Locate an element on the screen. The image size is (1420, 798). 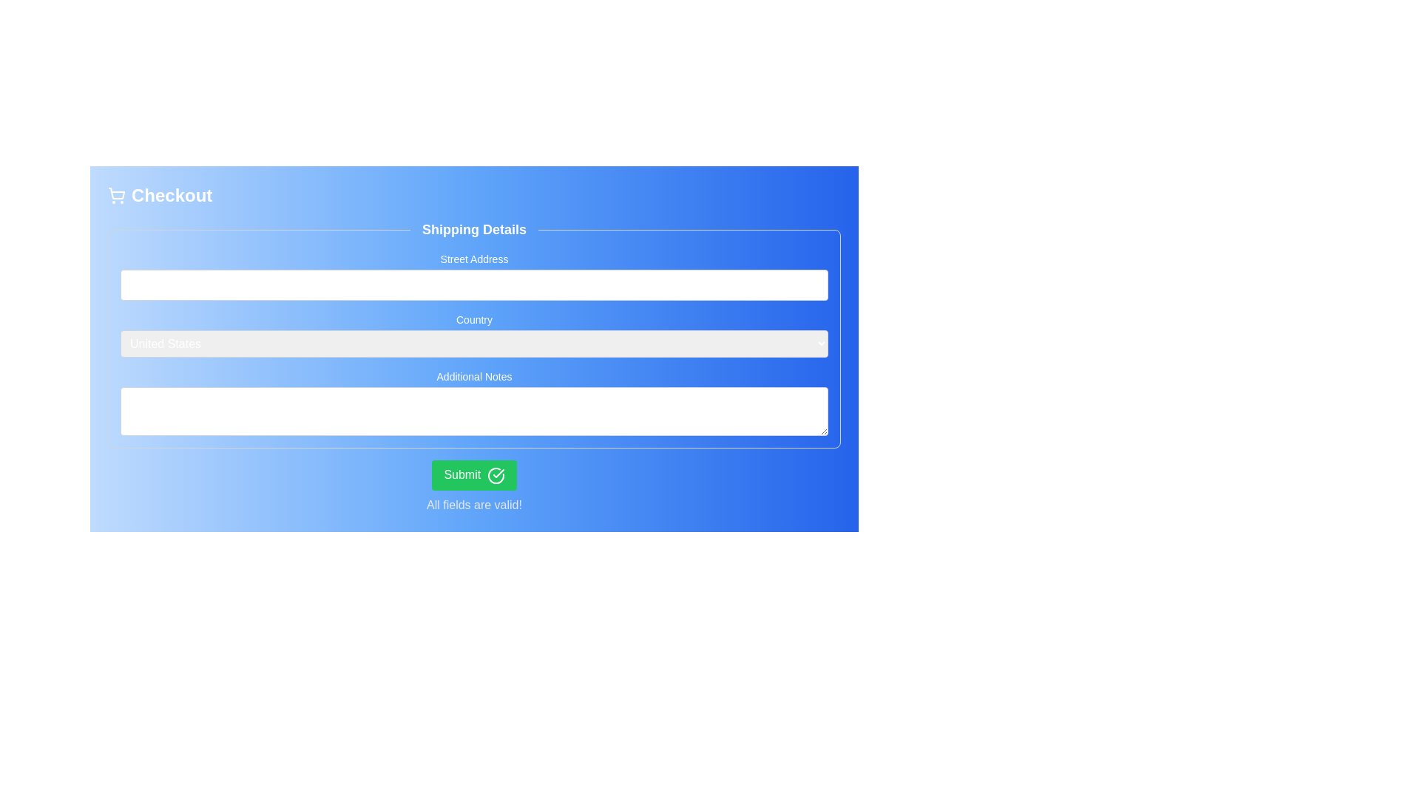
the green 'Submit' button with a confirmation checkmark is located at coordinates (474, 475).